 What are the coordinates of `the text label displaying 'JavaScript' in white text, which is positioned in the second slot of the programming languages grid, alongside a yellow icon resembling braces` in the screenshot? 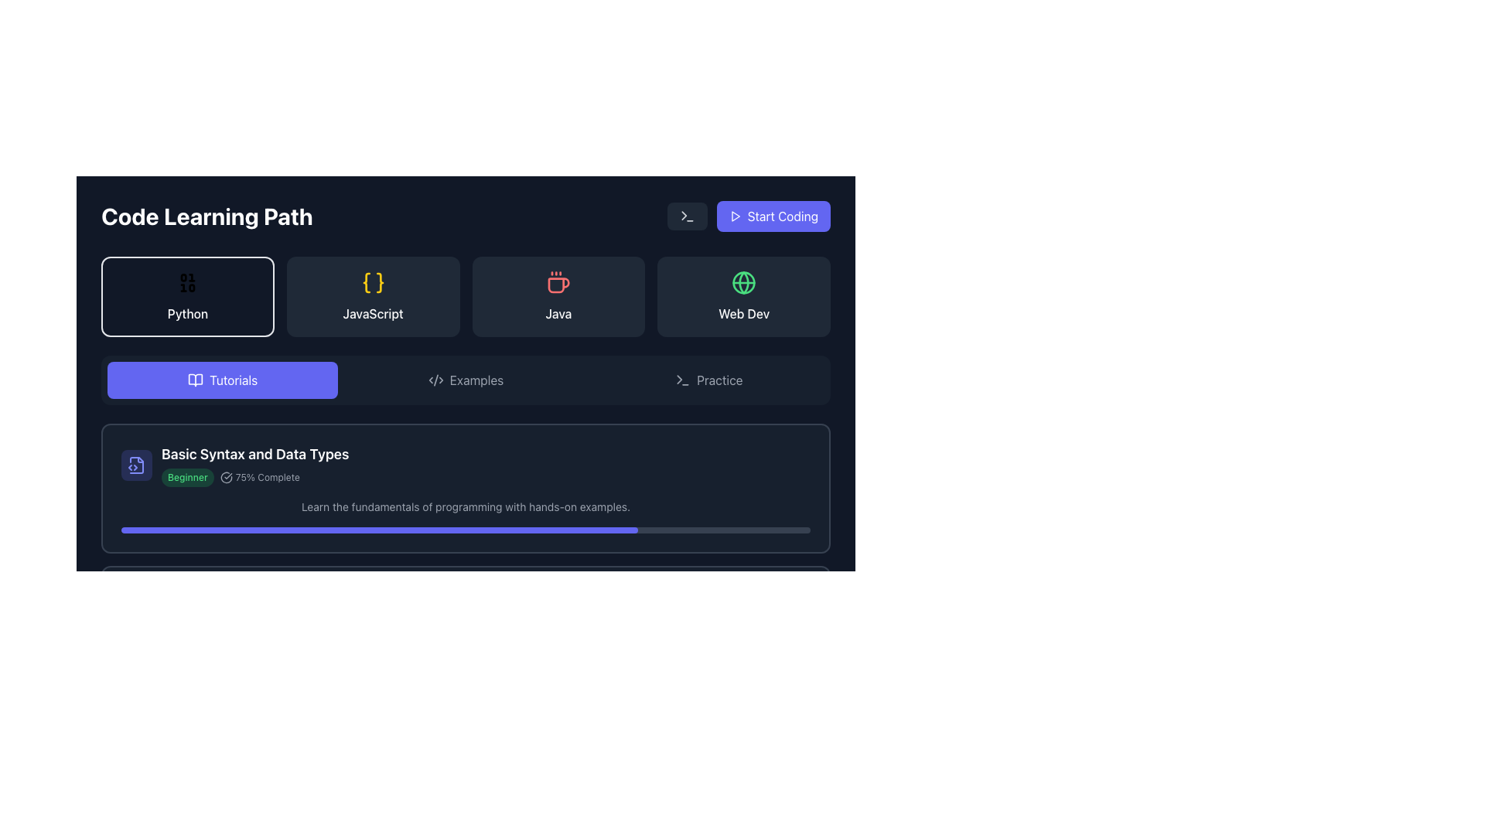 It's located at (373, 313).